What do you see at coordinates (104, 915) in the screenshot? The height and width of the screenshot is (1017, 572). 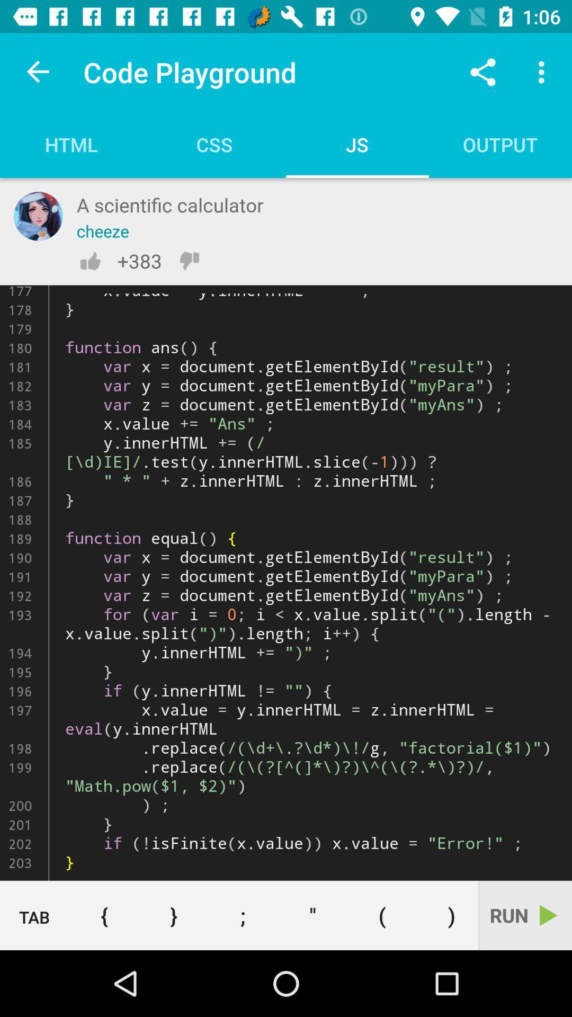 I see `the icon below the function shiftfn ken icon` at bounding box center [104, 915].